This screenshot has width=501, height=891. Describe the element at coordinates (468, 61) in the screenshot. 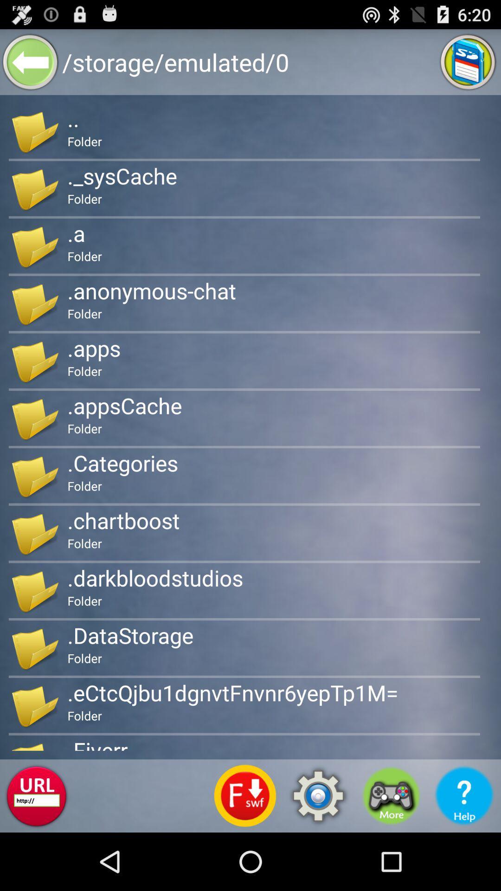

I see `sd storage` at that location.